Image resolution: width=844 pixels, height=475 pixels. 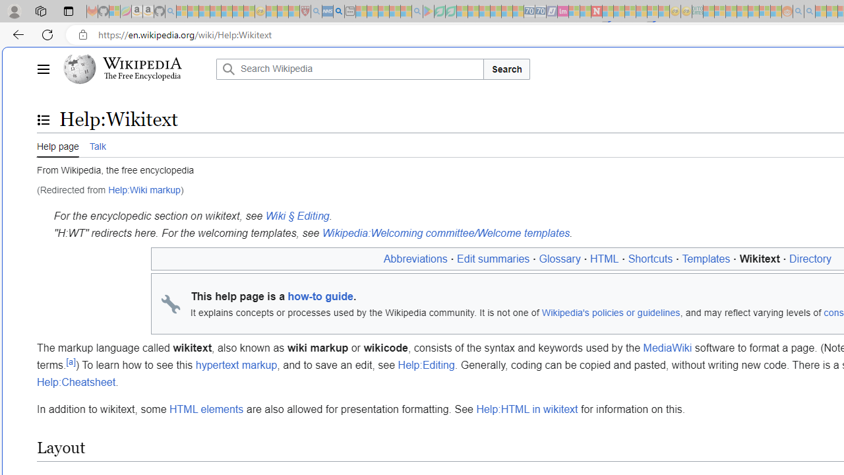 I want to click on 'Wikipedia The Free Encyclopedia', so click(x=136, y=69).